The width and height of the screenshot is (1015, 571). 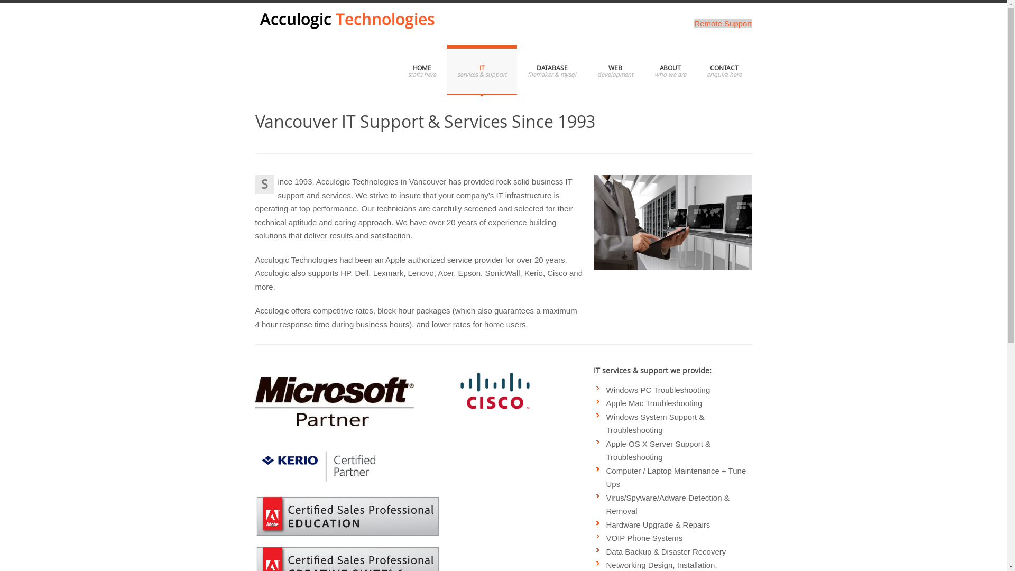 What do you see at coordinates (722, 23) in the screenshot?
I see `'Remote Support'` at bounding box center [722, 23].